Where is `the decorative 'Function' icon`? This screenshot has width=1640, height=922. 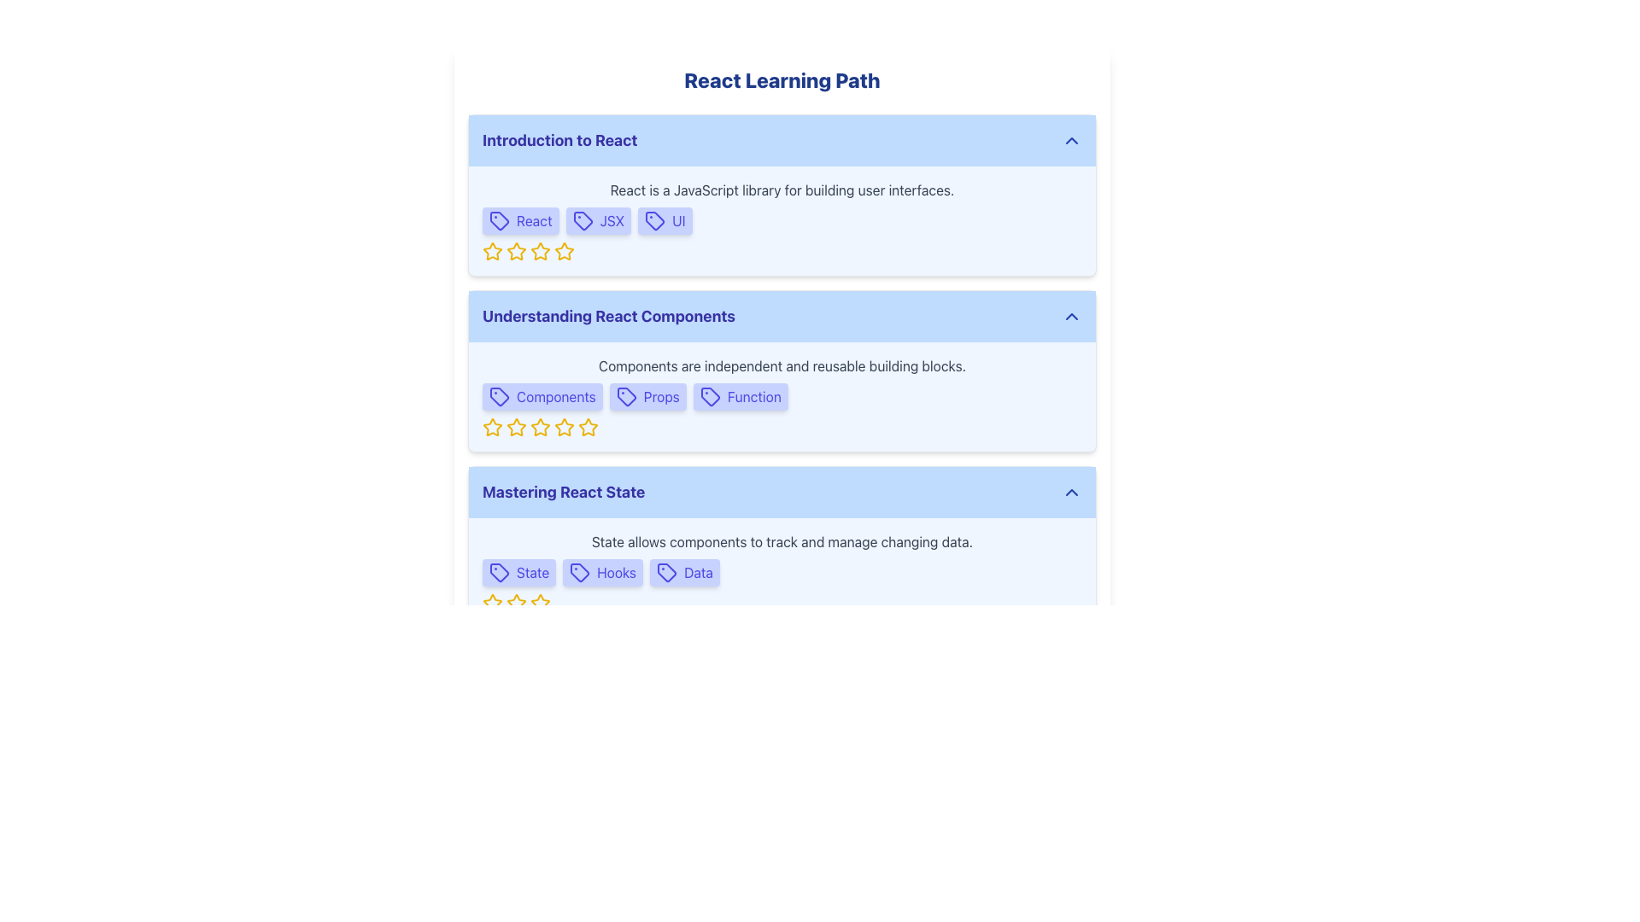 the decorative 'Function' icon is located at coordinates (710, 397).